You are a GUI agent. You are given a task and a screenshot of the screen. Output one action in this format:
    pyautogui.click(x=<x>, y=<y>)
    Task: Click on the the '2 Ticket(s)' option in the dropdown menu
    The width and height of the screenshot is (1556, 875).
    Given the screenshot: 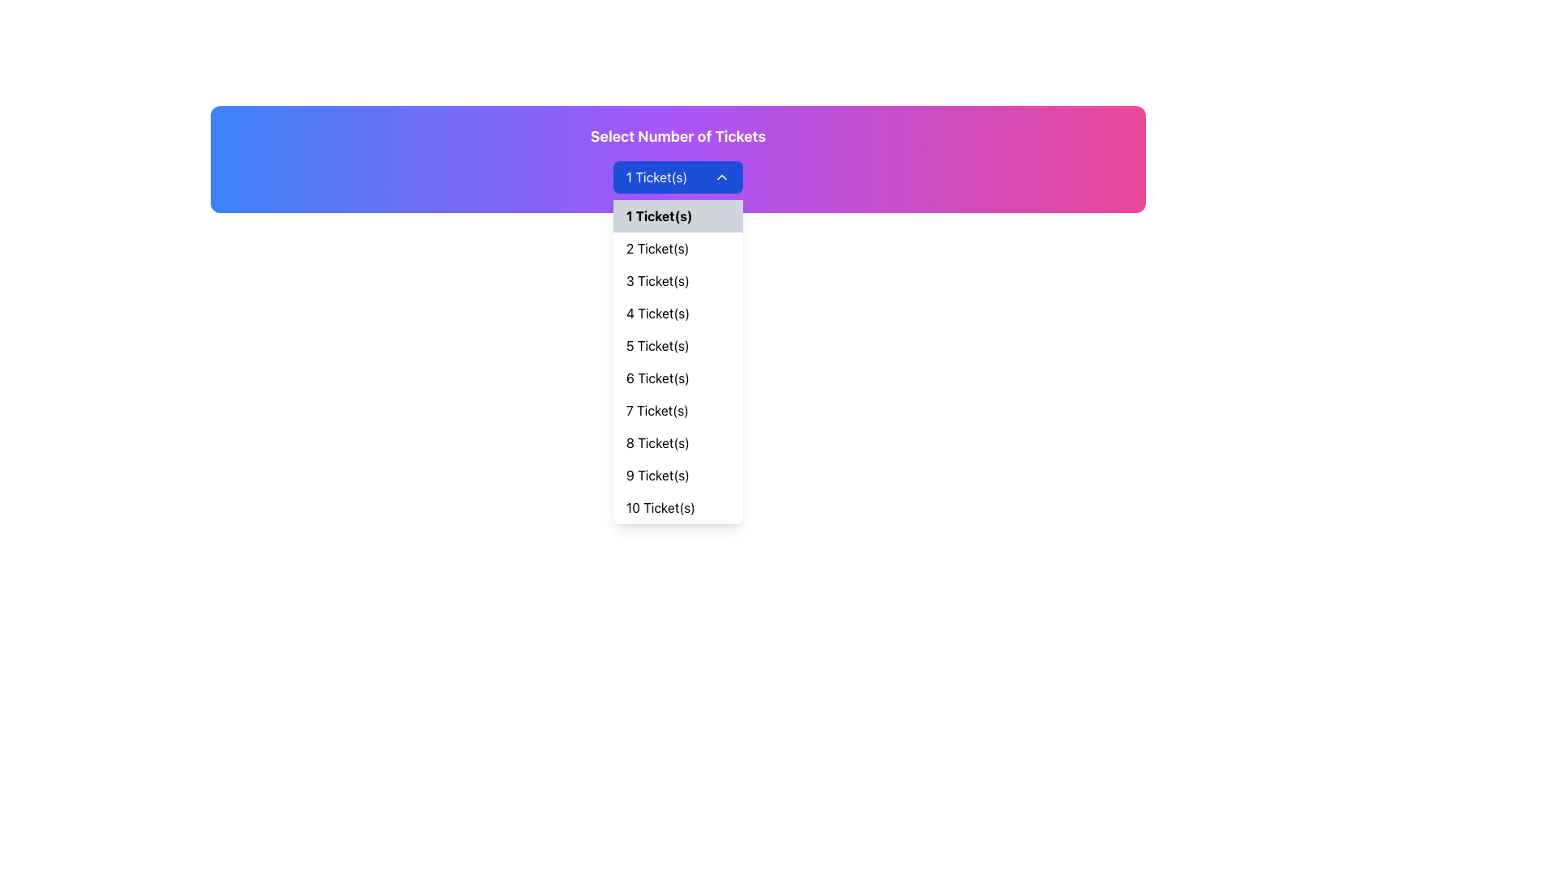 What is the action you would take?
    pyautogui.click(x=678, y=249)
    